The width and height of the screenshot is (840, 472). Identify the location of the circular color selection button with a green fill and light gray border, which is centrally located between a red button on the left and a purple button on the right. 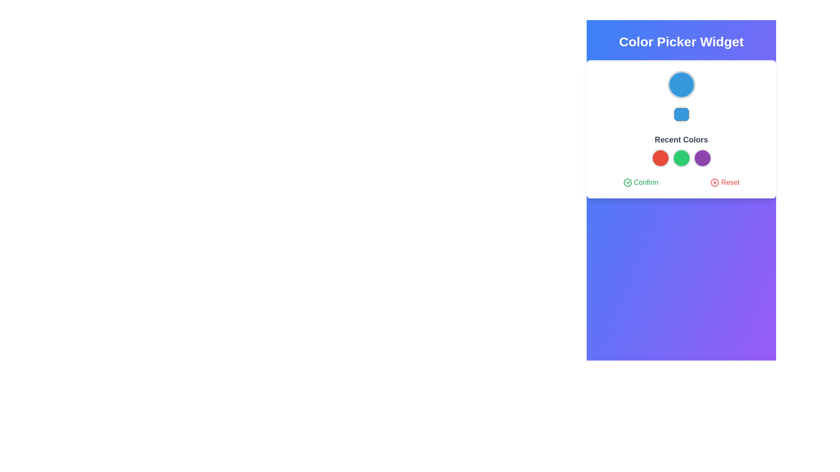
(681, 158).